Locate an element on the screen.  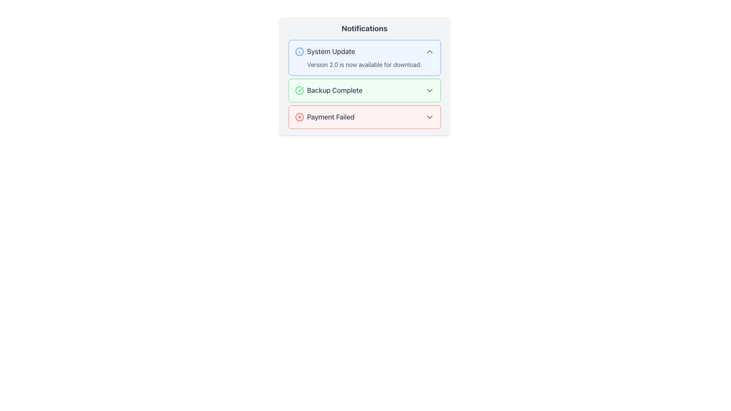
the text label with icon indicating a successful backup operation located in the notifications panel, positioned between the 'System Update' and 'Payment Failed' notifications is located at coordinates (329, 90).